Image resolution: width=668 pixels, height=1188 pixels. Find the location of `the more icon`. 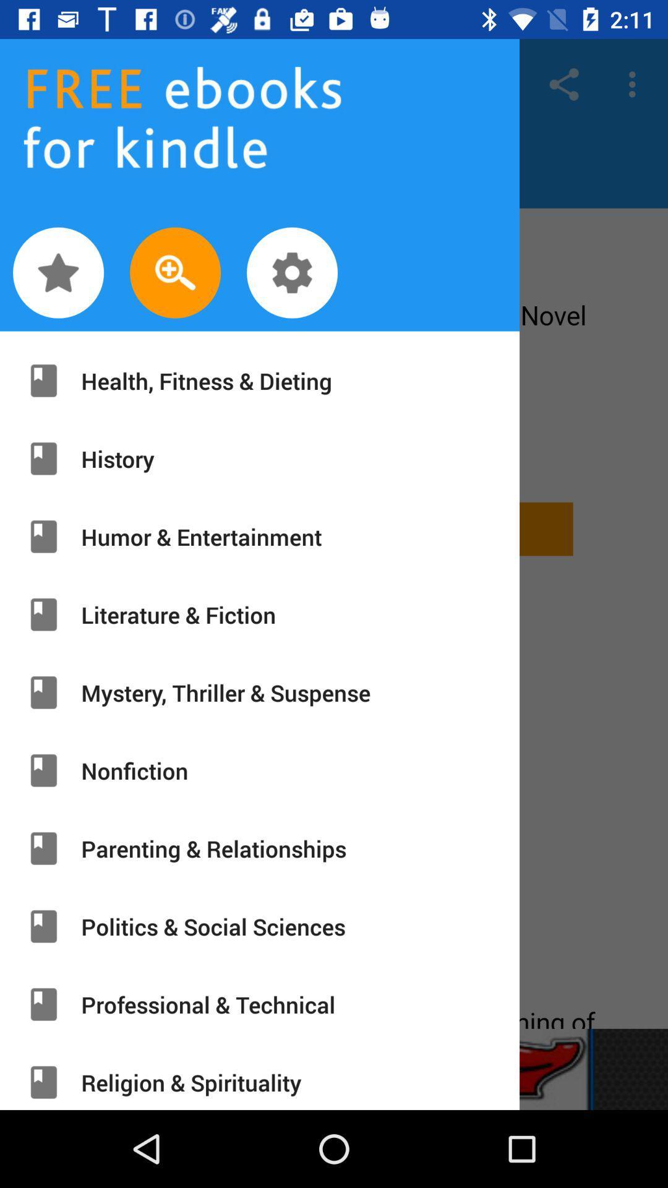

the more icon is located at coordinates (635, 84).